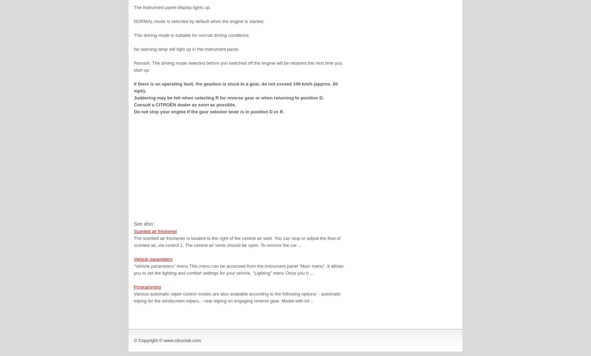 Image resolution: width=591 pixels, height=356 pixels. Describe the element at coordinates (153, 259) in the screenshot. I see `'Vehicle parameters'` at that location.